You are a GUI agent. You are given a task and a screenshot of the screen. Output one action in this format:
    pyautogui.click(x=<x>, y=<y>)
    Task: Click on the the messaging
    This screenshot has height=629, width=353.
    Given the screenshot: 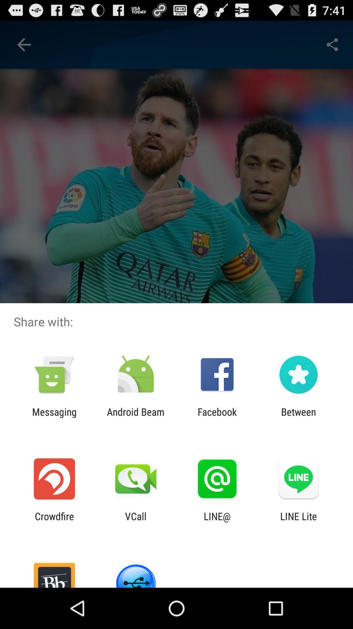 What is the action you would take?
    pyautogui.click(x=54, y=417)
    